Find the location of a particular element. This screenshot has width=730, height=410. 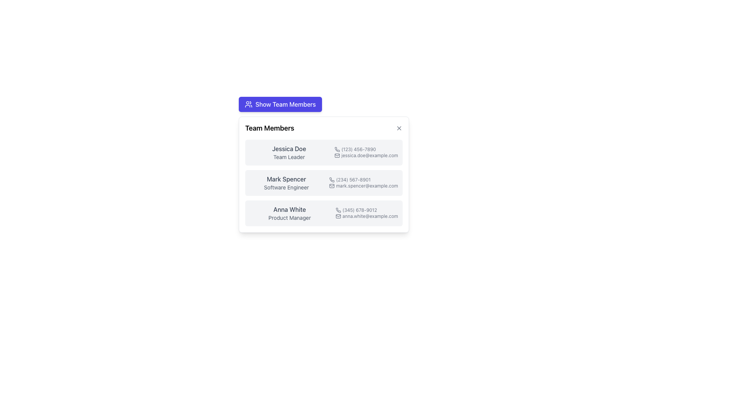

the minimalist black outline phone icon located beside the phone number '(123) 456-7890' in the first row of the team members' contact list is located at coordinates (337, 149).